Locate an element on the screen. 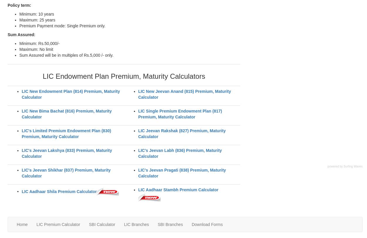 The image size is (367, 238). 'LIC Jeevan Rakshak (827) Premium, Maturity  Calculator' is located at coordinates (181, 133).